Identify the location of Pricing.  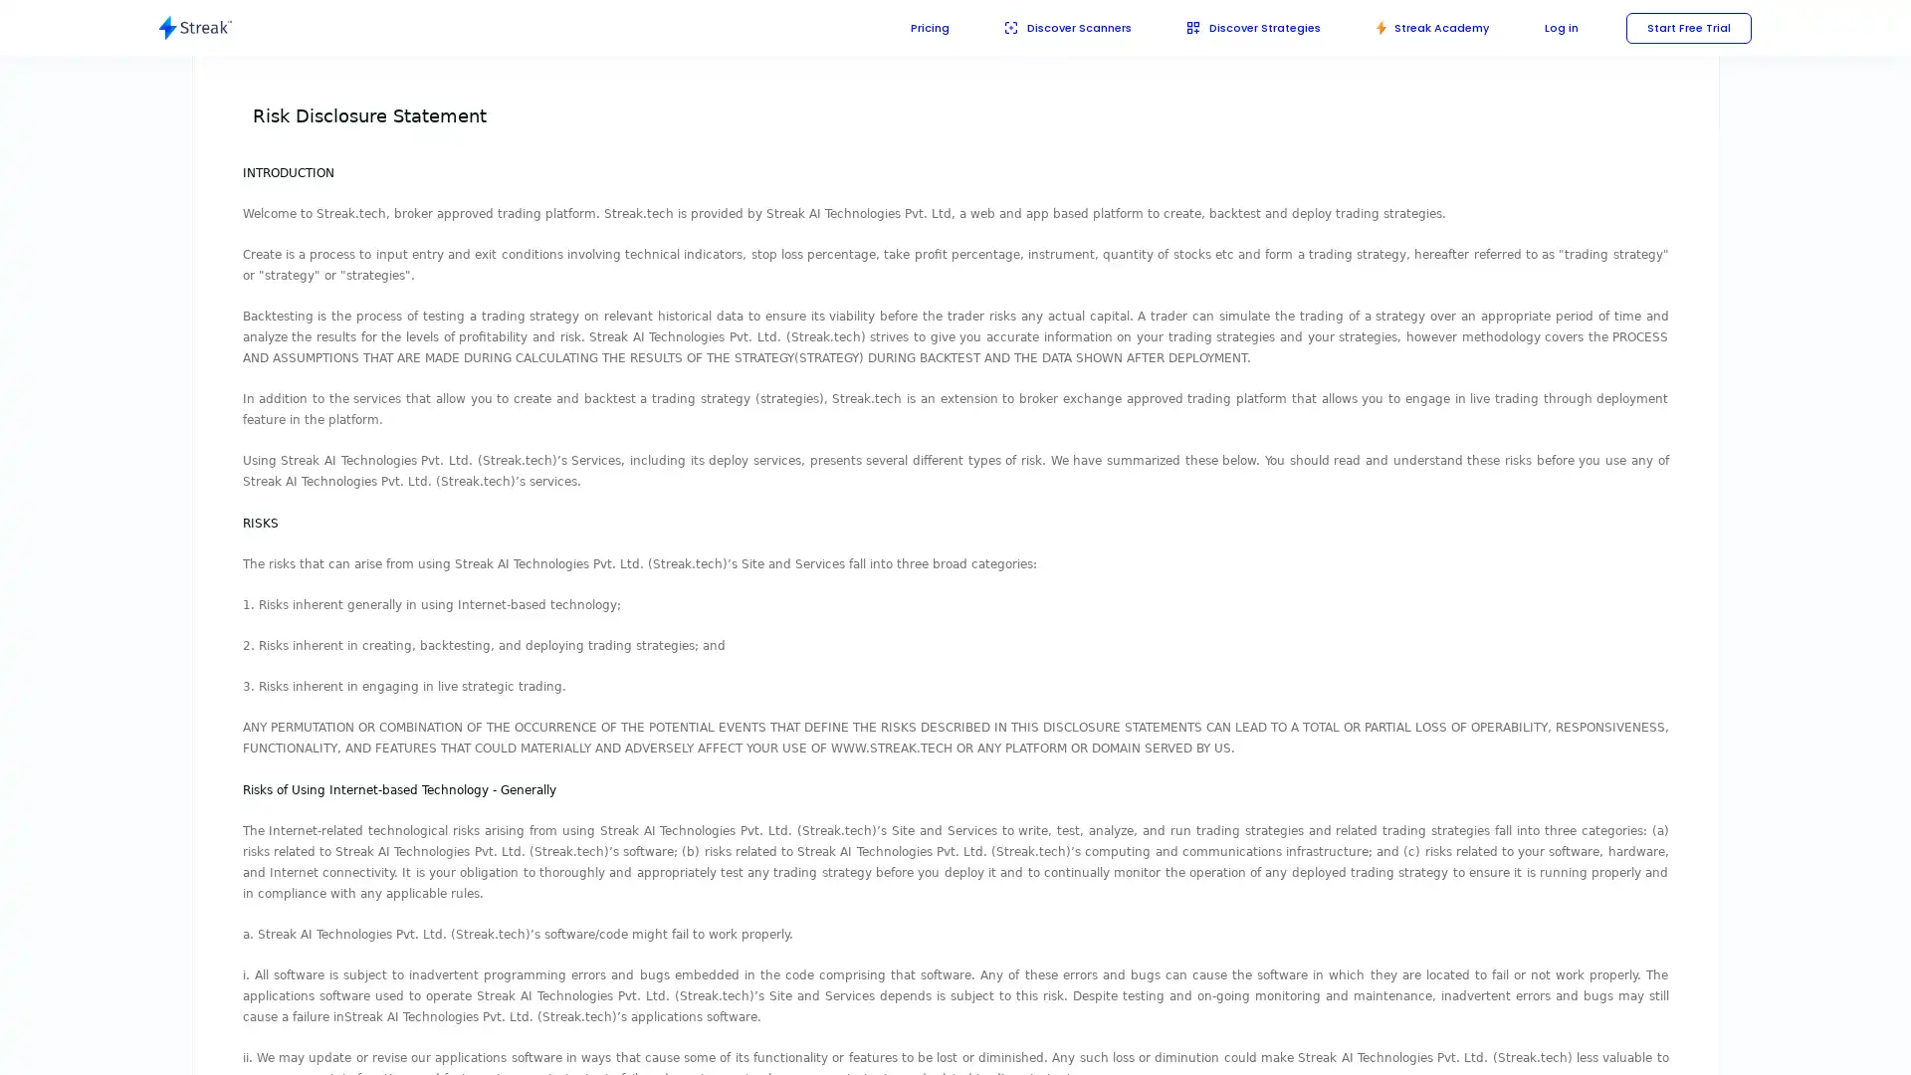
(900, 27).